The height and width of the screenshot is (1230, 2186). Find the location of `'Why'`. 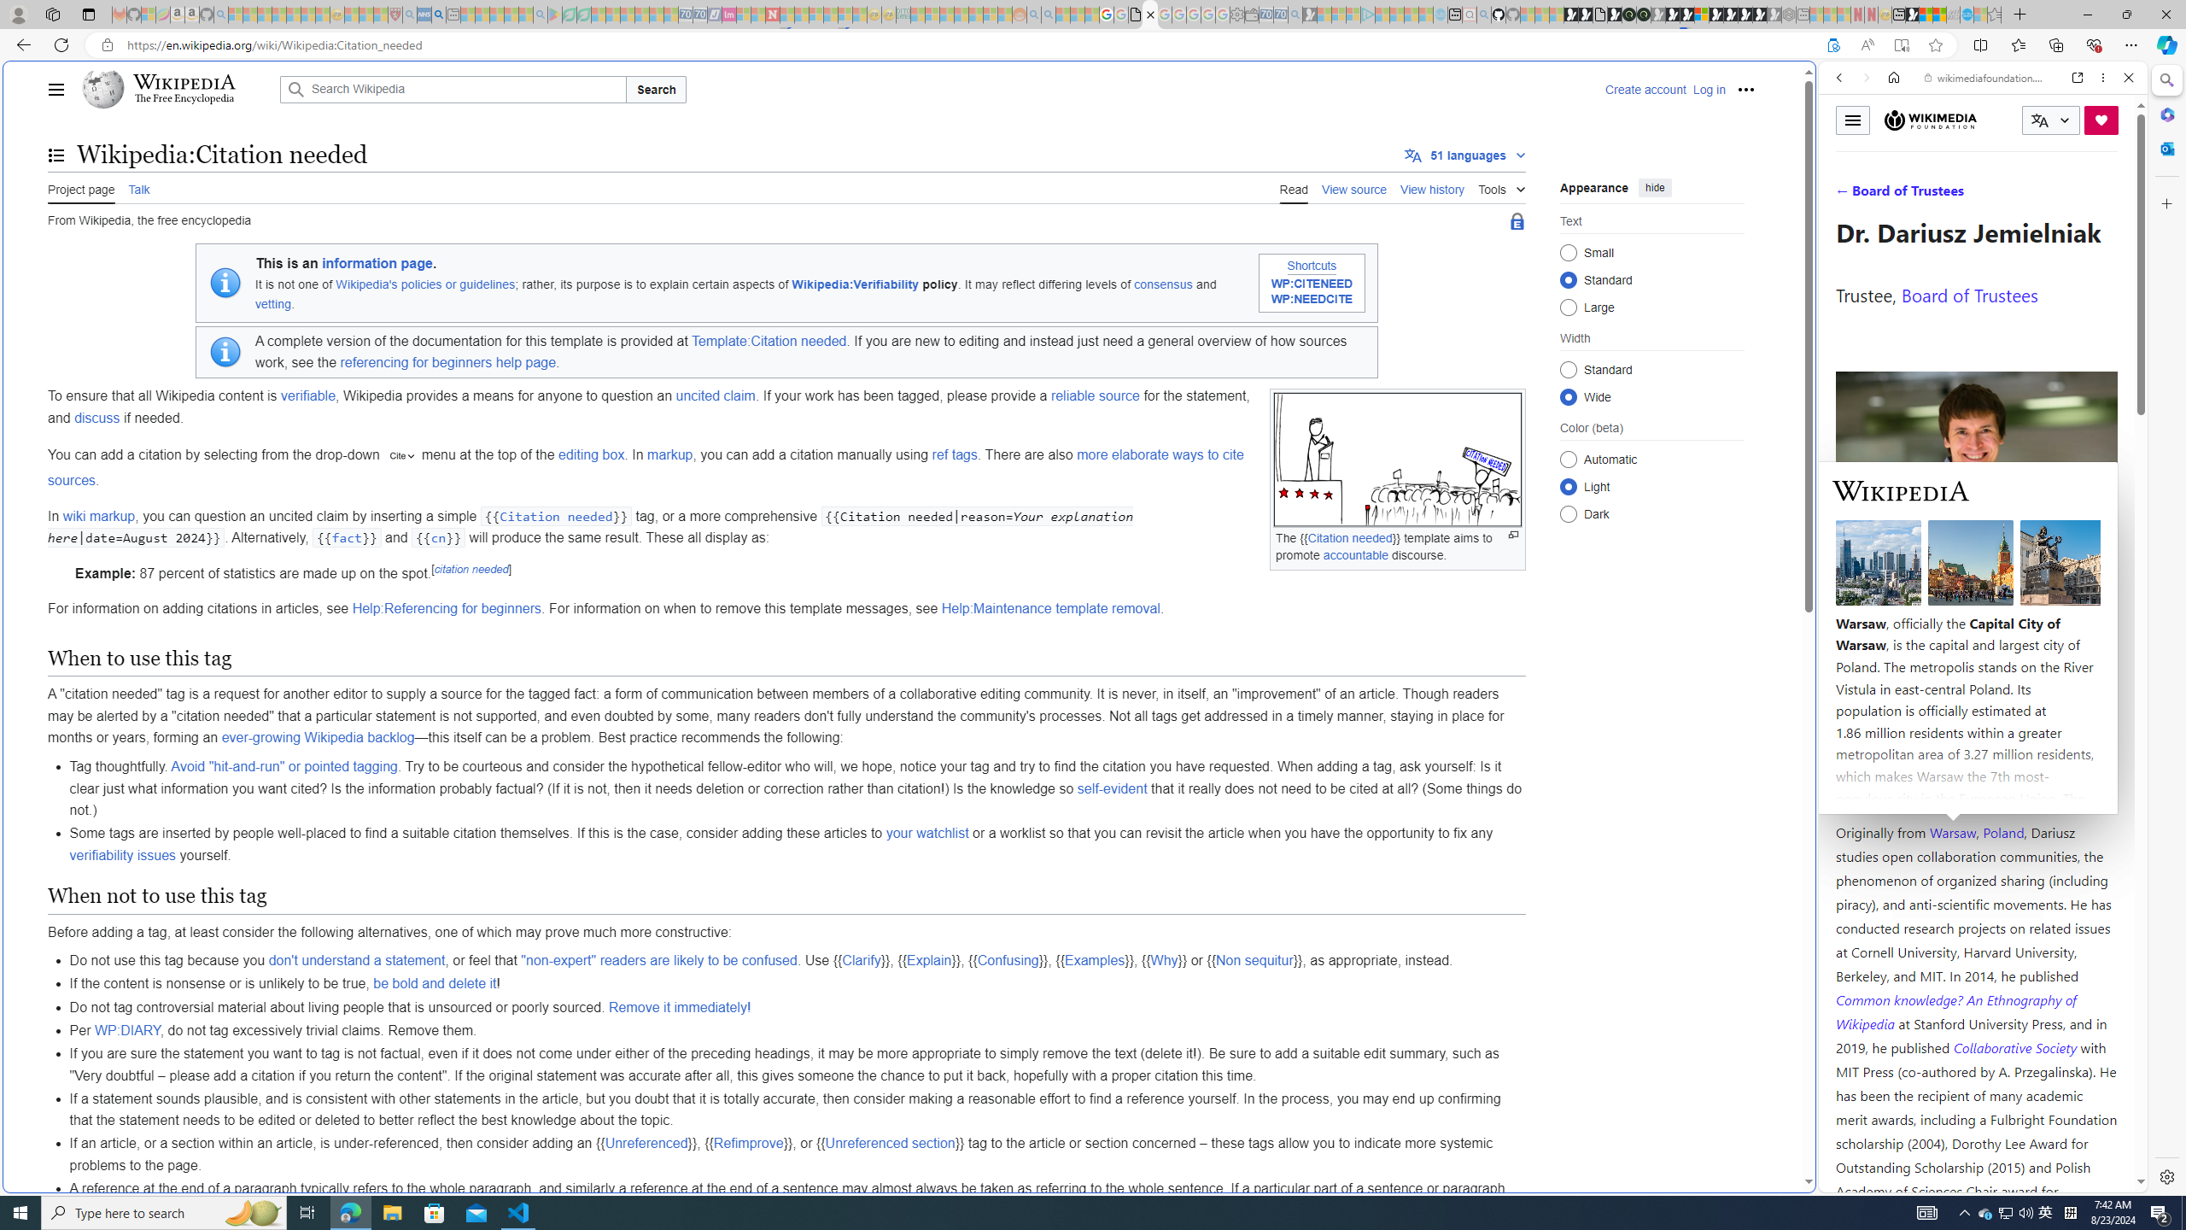

'Why' is located at coordinates (1163, 961).